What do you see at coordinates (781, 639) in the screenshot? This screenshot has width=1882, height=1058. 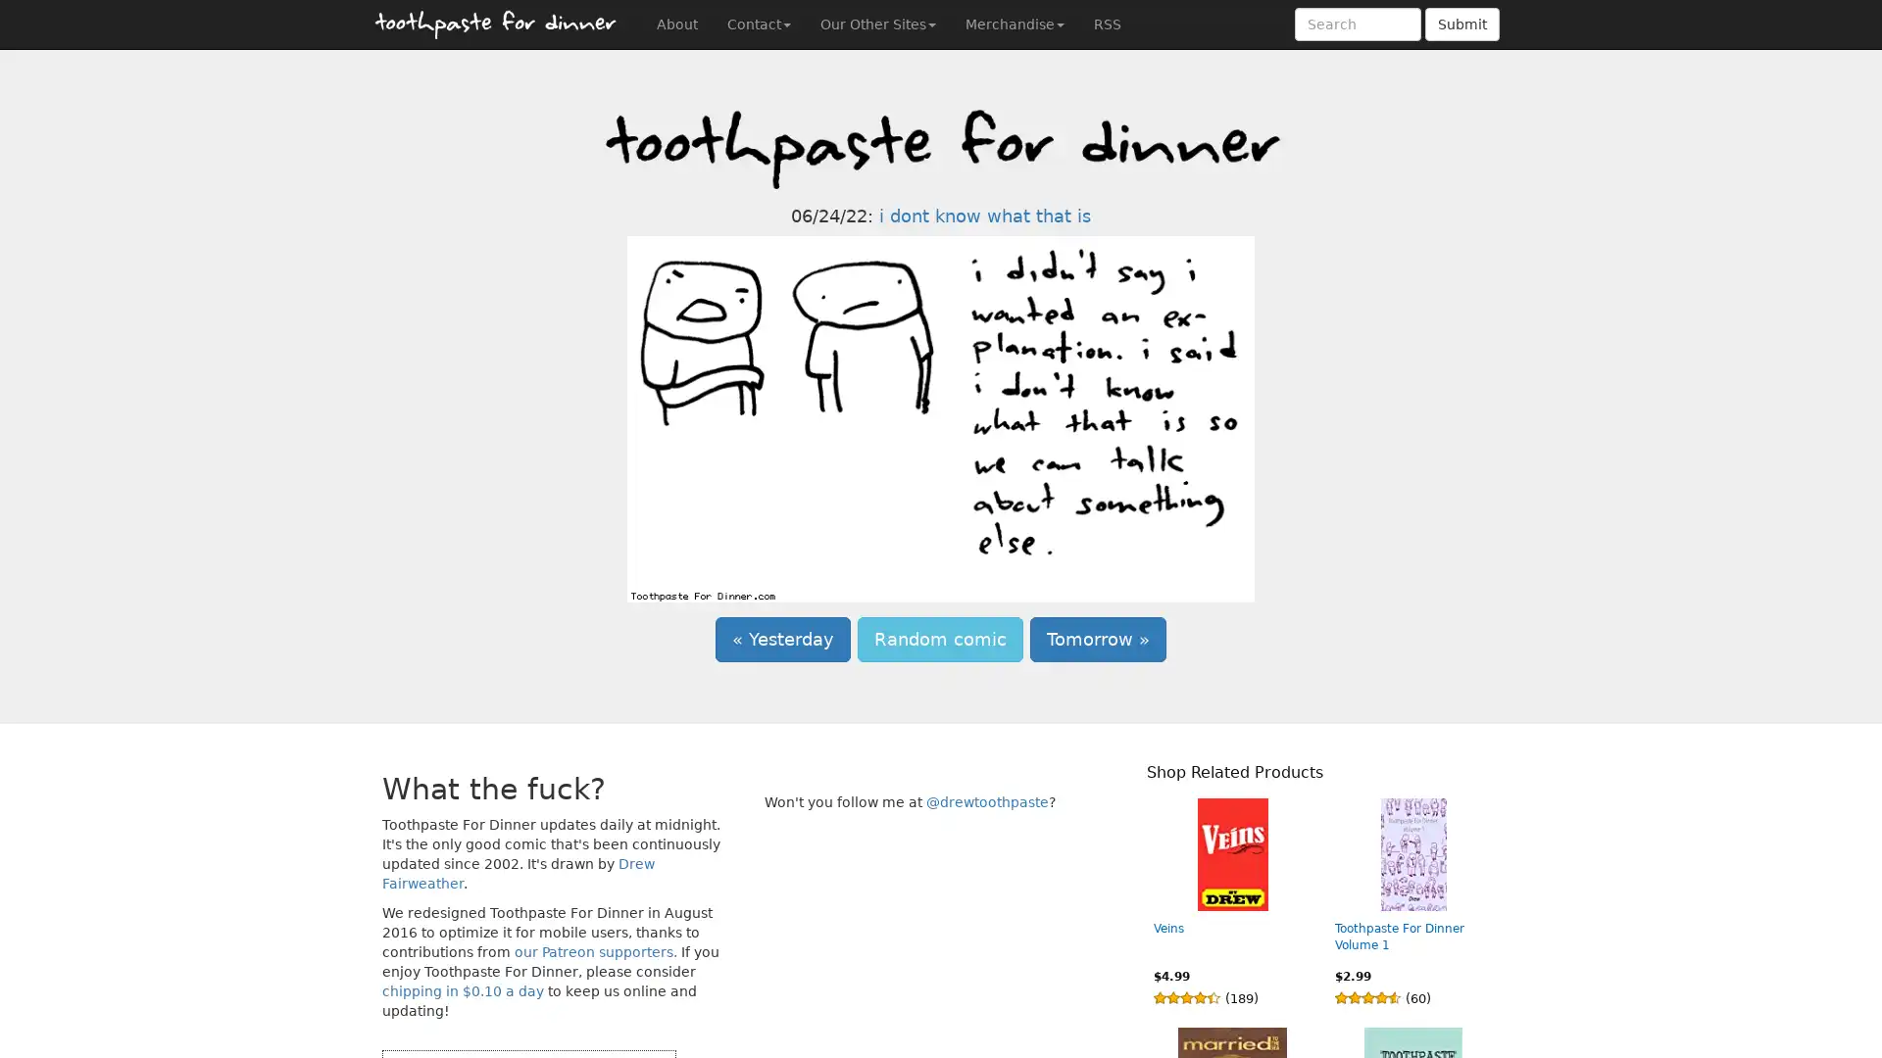 I see `Yesterday` at bounding box center [781, 639].